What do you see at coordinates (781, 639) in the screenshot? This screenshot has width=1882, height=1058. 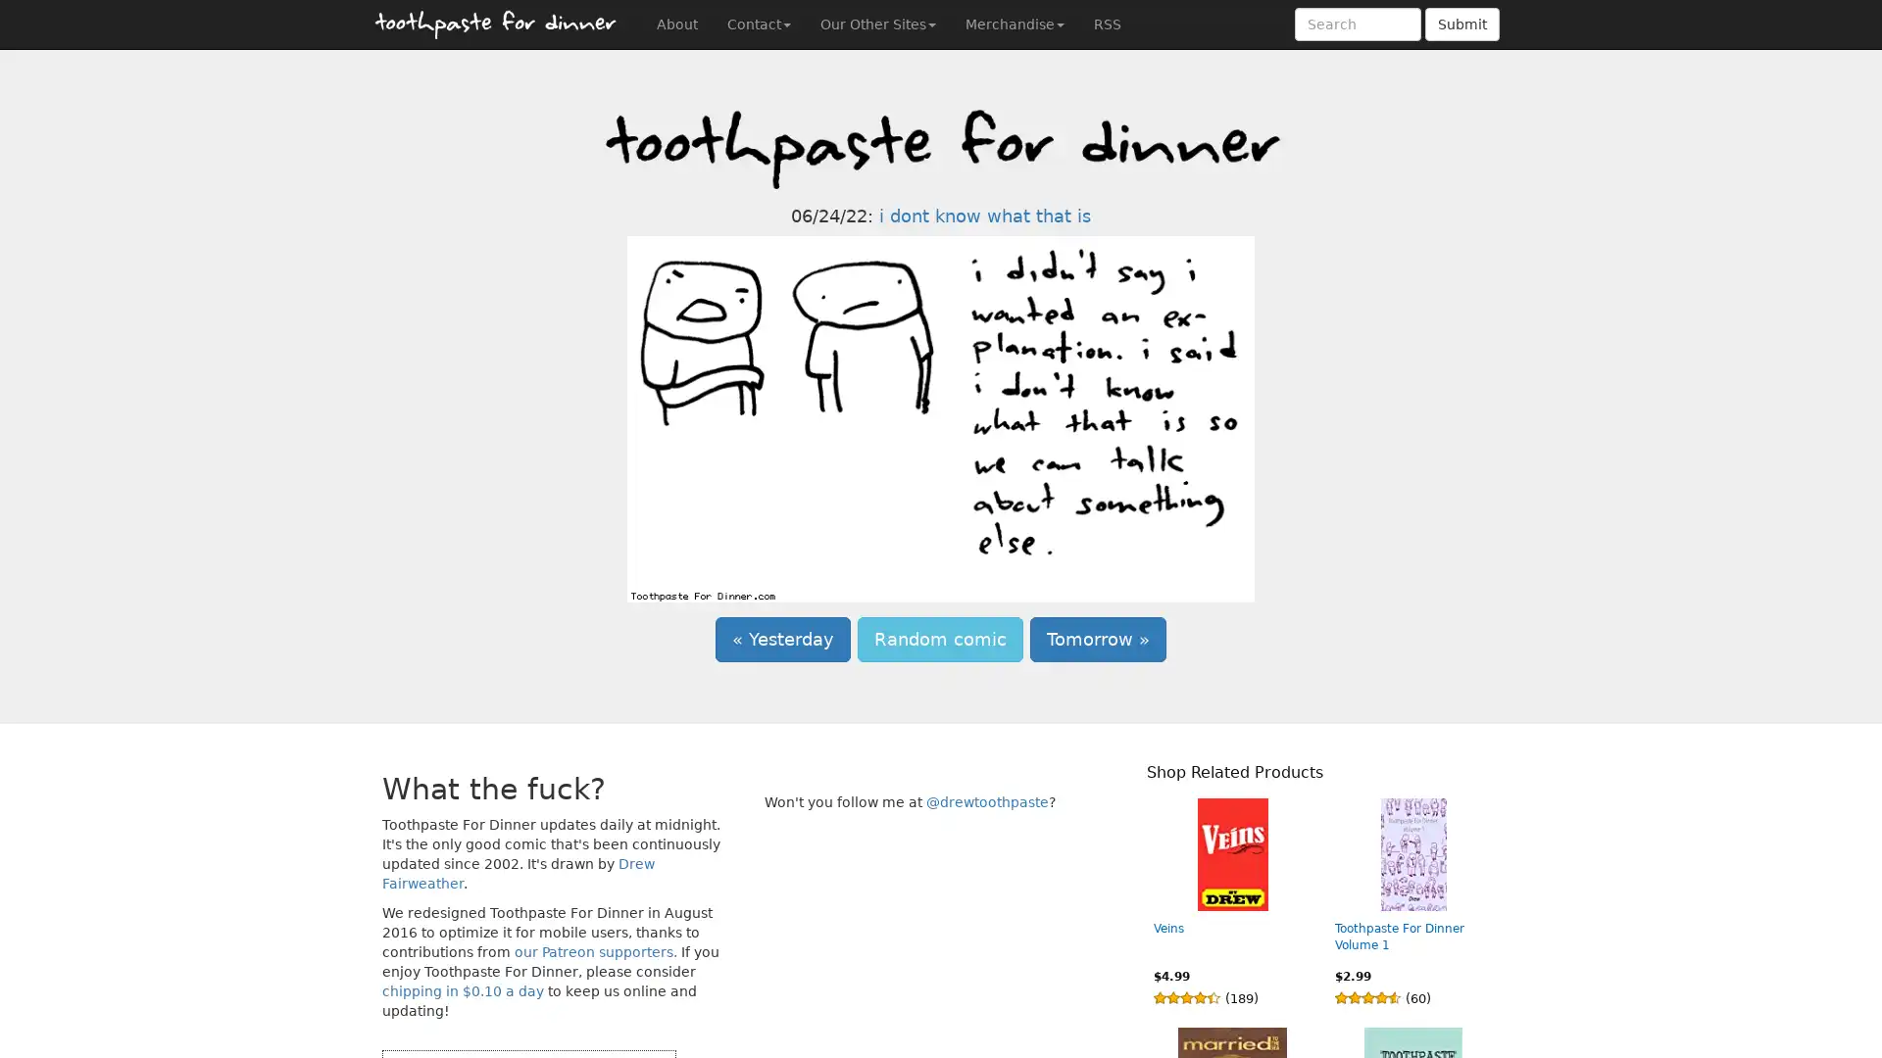 I see `Yesterday` at bounding box center [781, 639].